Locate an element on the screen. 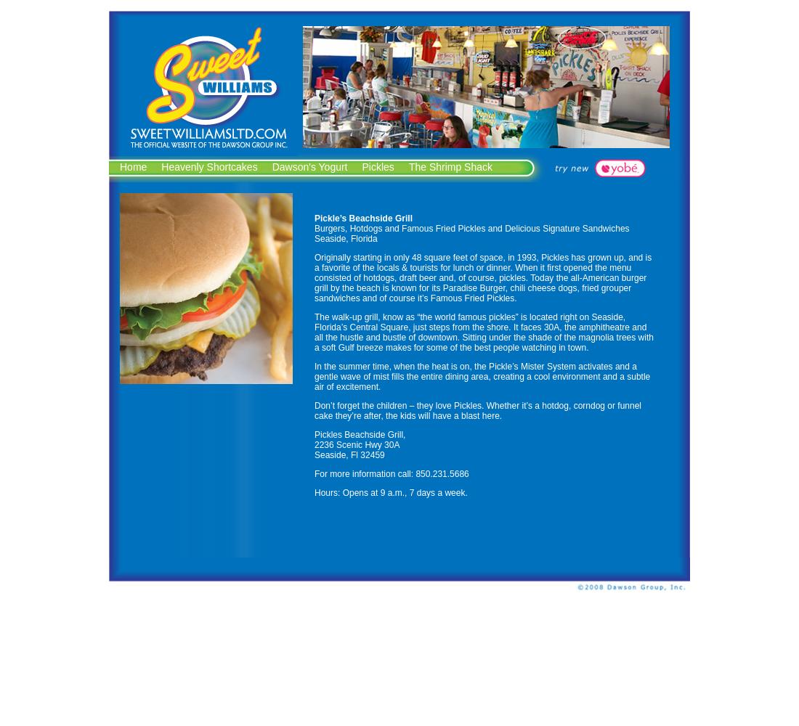 This screenshot has height=726, width=799. '2236 Scenic Hwy 30A' is located at coordinates (357, 444).